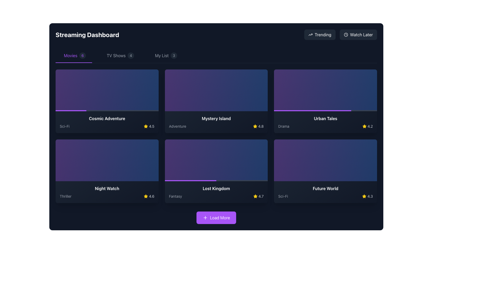 The height and width of the screenshot is (282, 501). Describe the element at coordinates (323, 34) in the screenshot. I see `the 'Trending' text label in the navigation bar located in the top-right corner of the interface` at that location.